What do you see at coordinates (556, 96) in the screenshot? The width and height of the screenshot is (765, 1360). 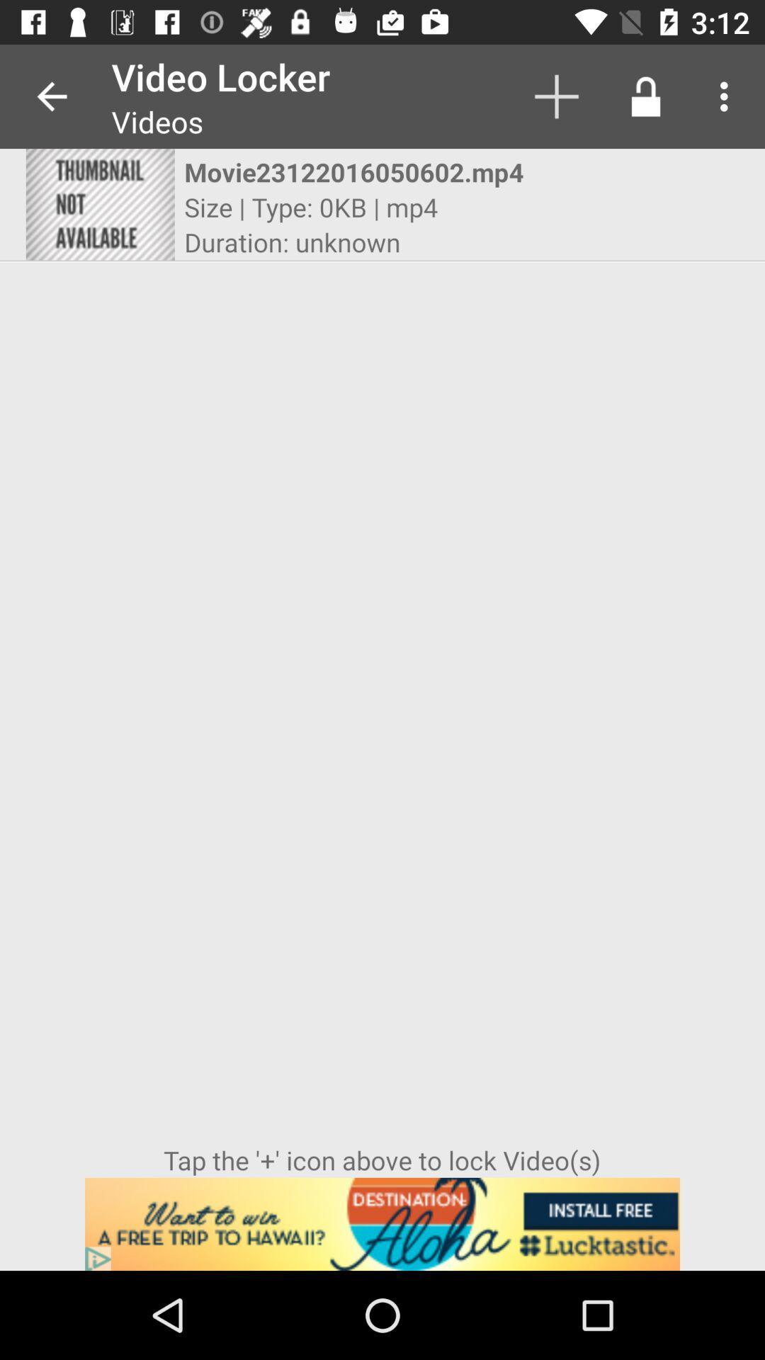 I see `the item above movie23122016050602.mp4 item` at bounding box center [556, 96].